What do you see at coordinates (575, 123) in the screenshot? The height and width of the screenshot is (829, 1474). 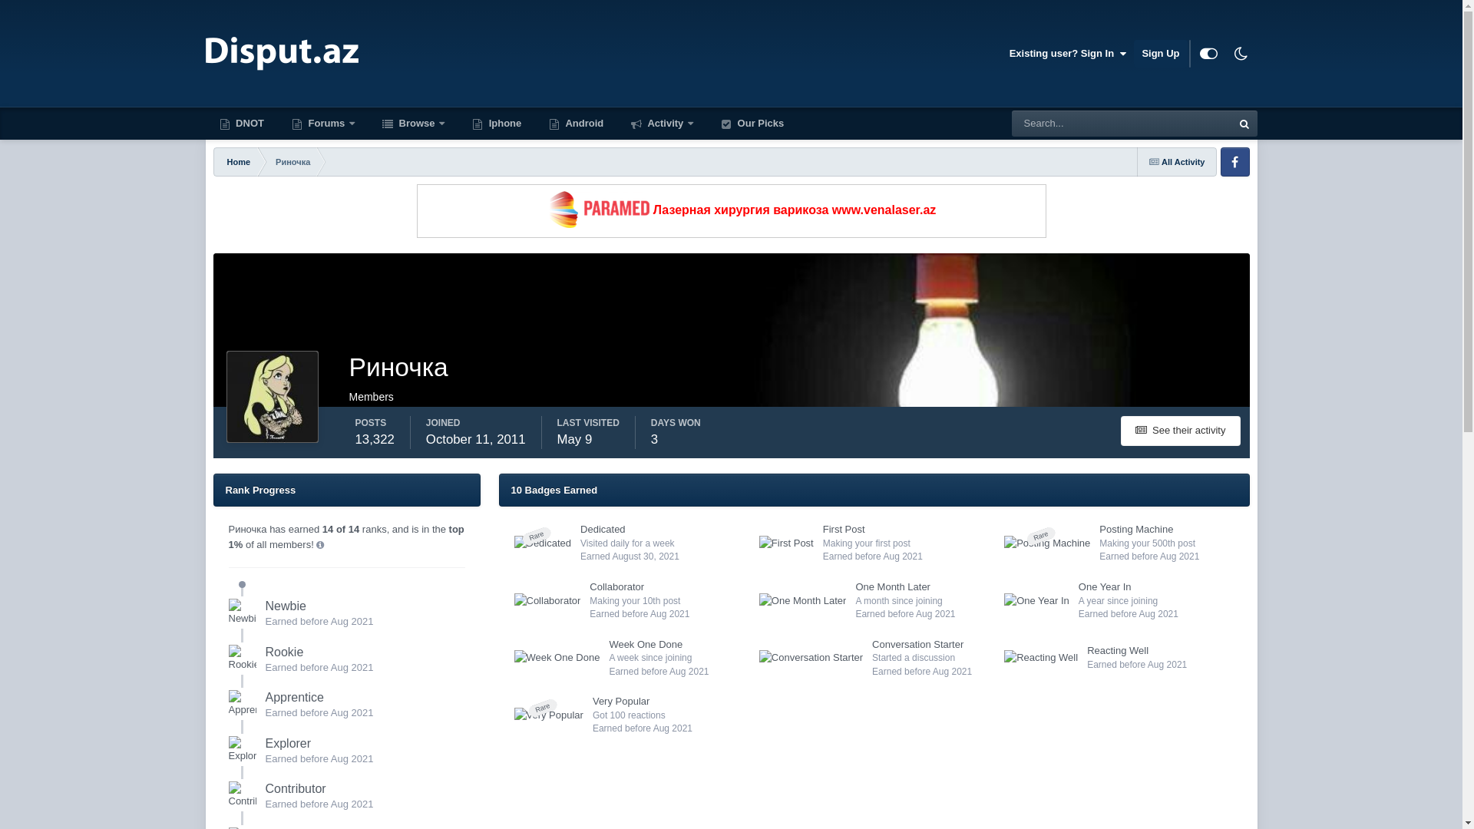 I see `'Android'` at bounding box center [575, 123].